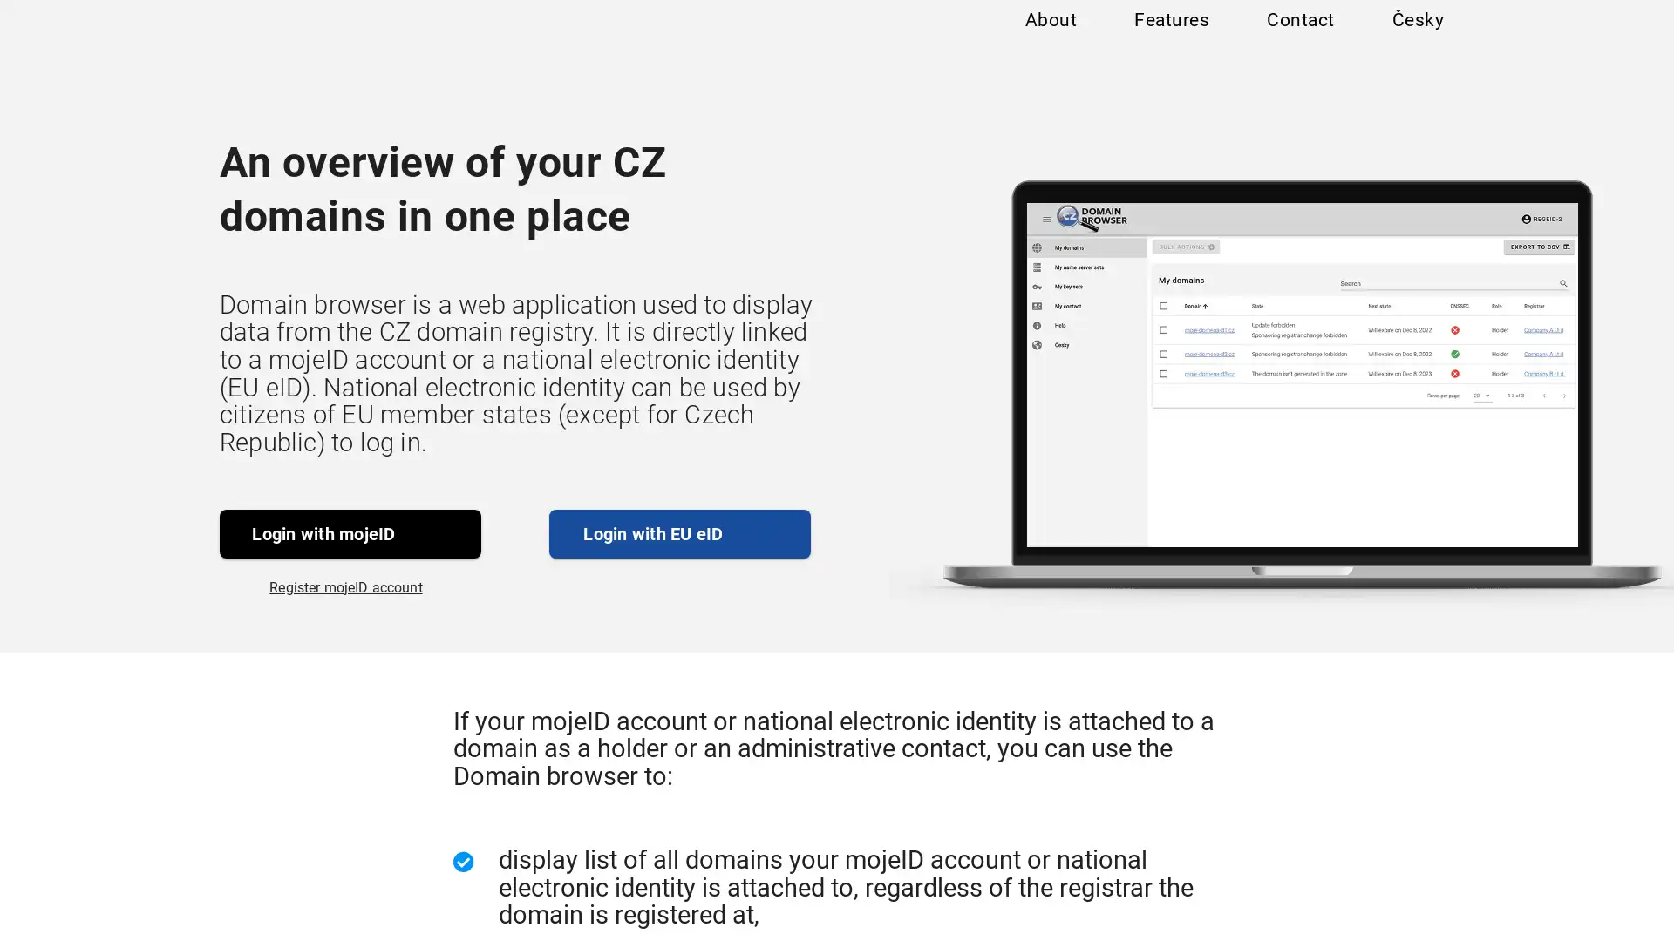  Describe the element at coordinates (1171, 37) in the screenshot. I see `Features` at that location.